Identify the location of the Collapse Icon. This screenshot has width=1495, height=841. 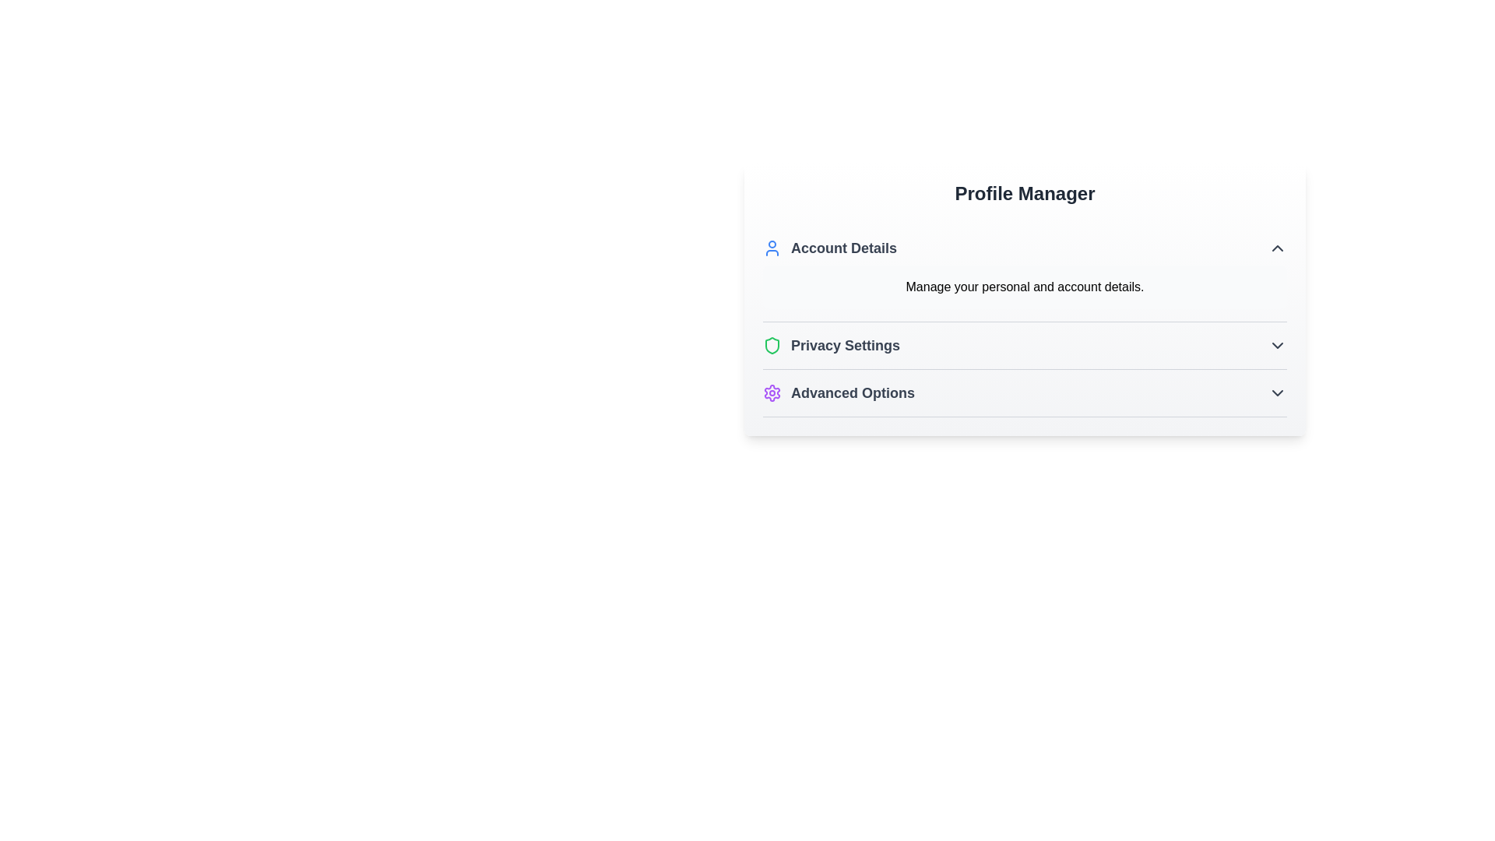
(1278, 248).